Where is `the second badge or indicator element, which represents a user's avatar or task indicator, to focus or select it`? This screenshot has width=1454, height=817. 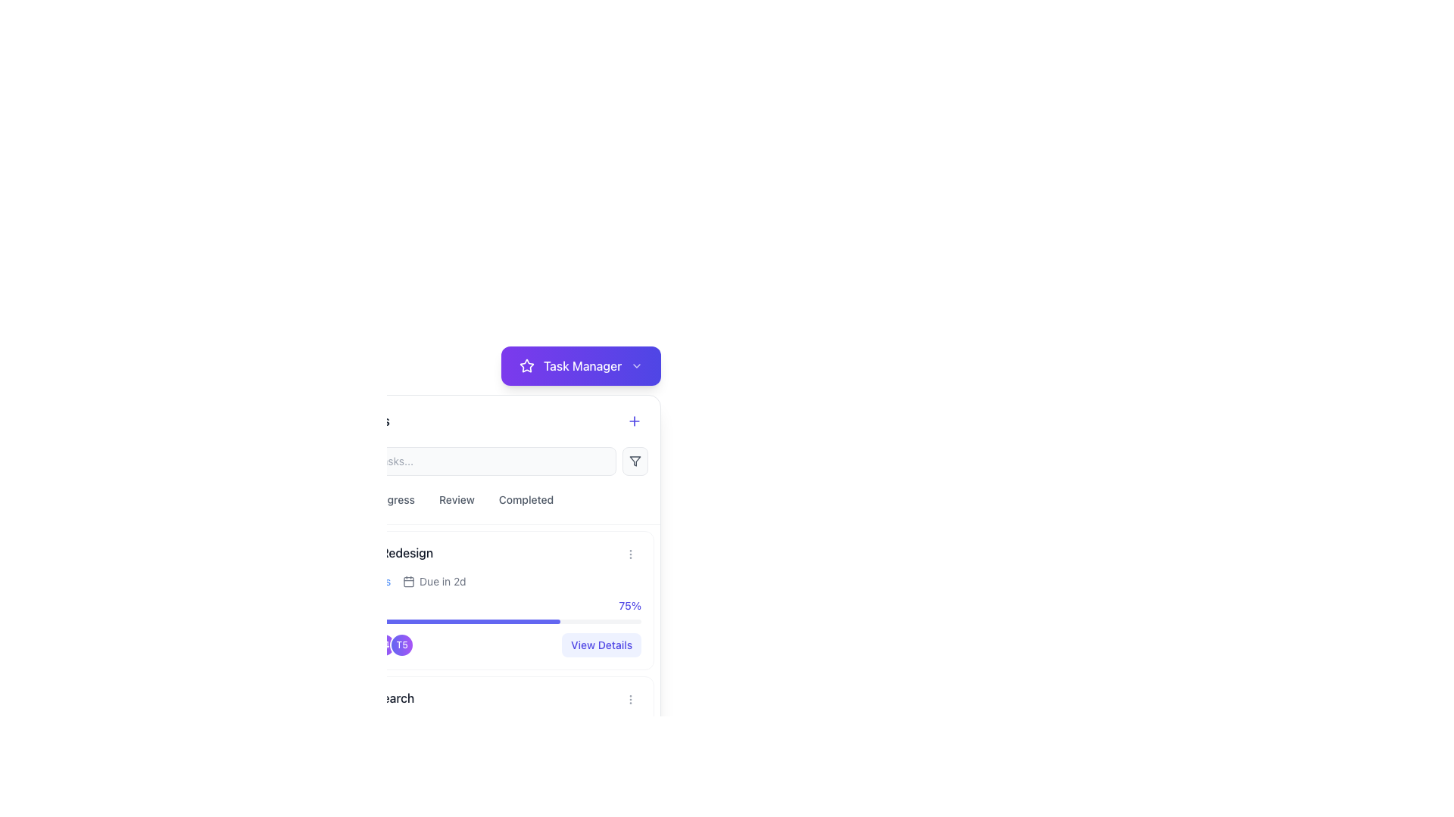 the second badge or indicator element, which represents a user's avatar or task indicator, to focus or select it is located at coordinates (347, 790).